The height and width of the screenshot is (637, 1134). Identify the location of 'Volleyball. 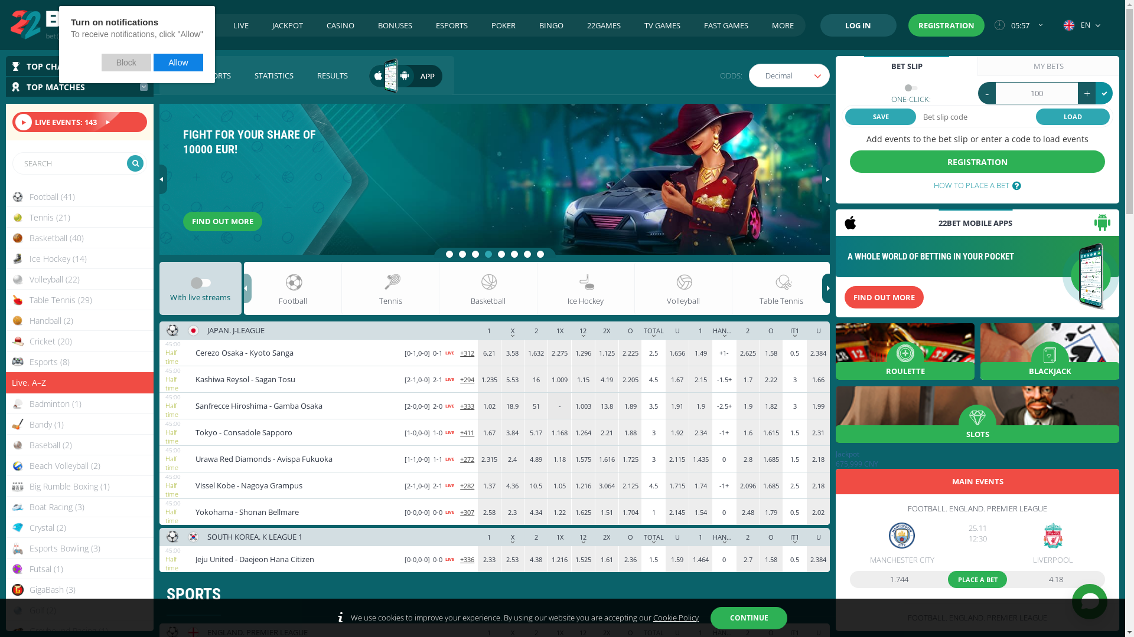
(79, 279).